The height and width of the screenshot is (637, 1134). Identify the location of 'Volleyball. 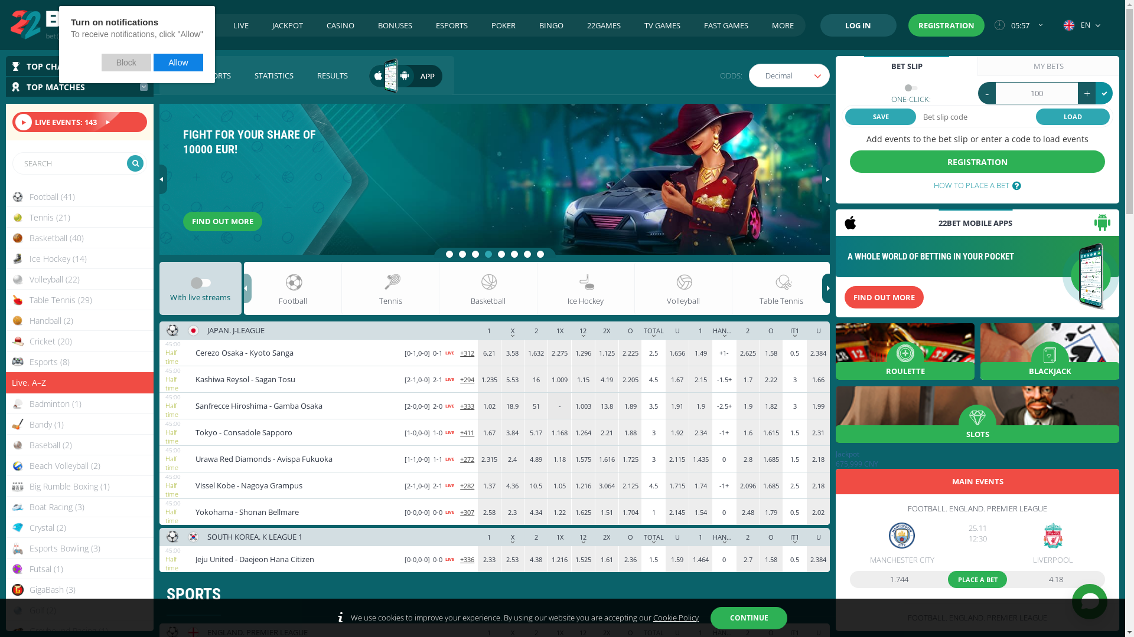
(79, 279).